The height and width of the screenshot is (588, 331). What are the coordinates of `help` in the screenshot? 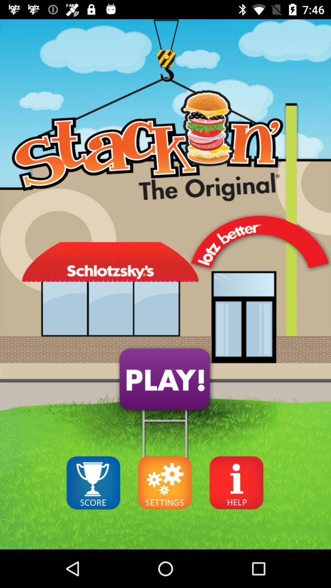 It's located at (236, 482).